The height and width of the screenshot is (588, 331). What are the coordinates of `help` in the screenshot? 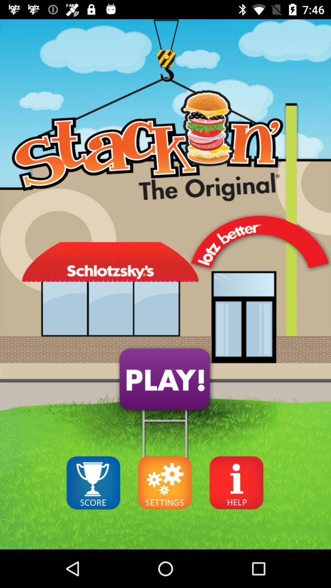 It's located at (236, 482).